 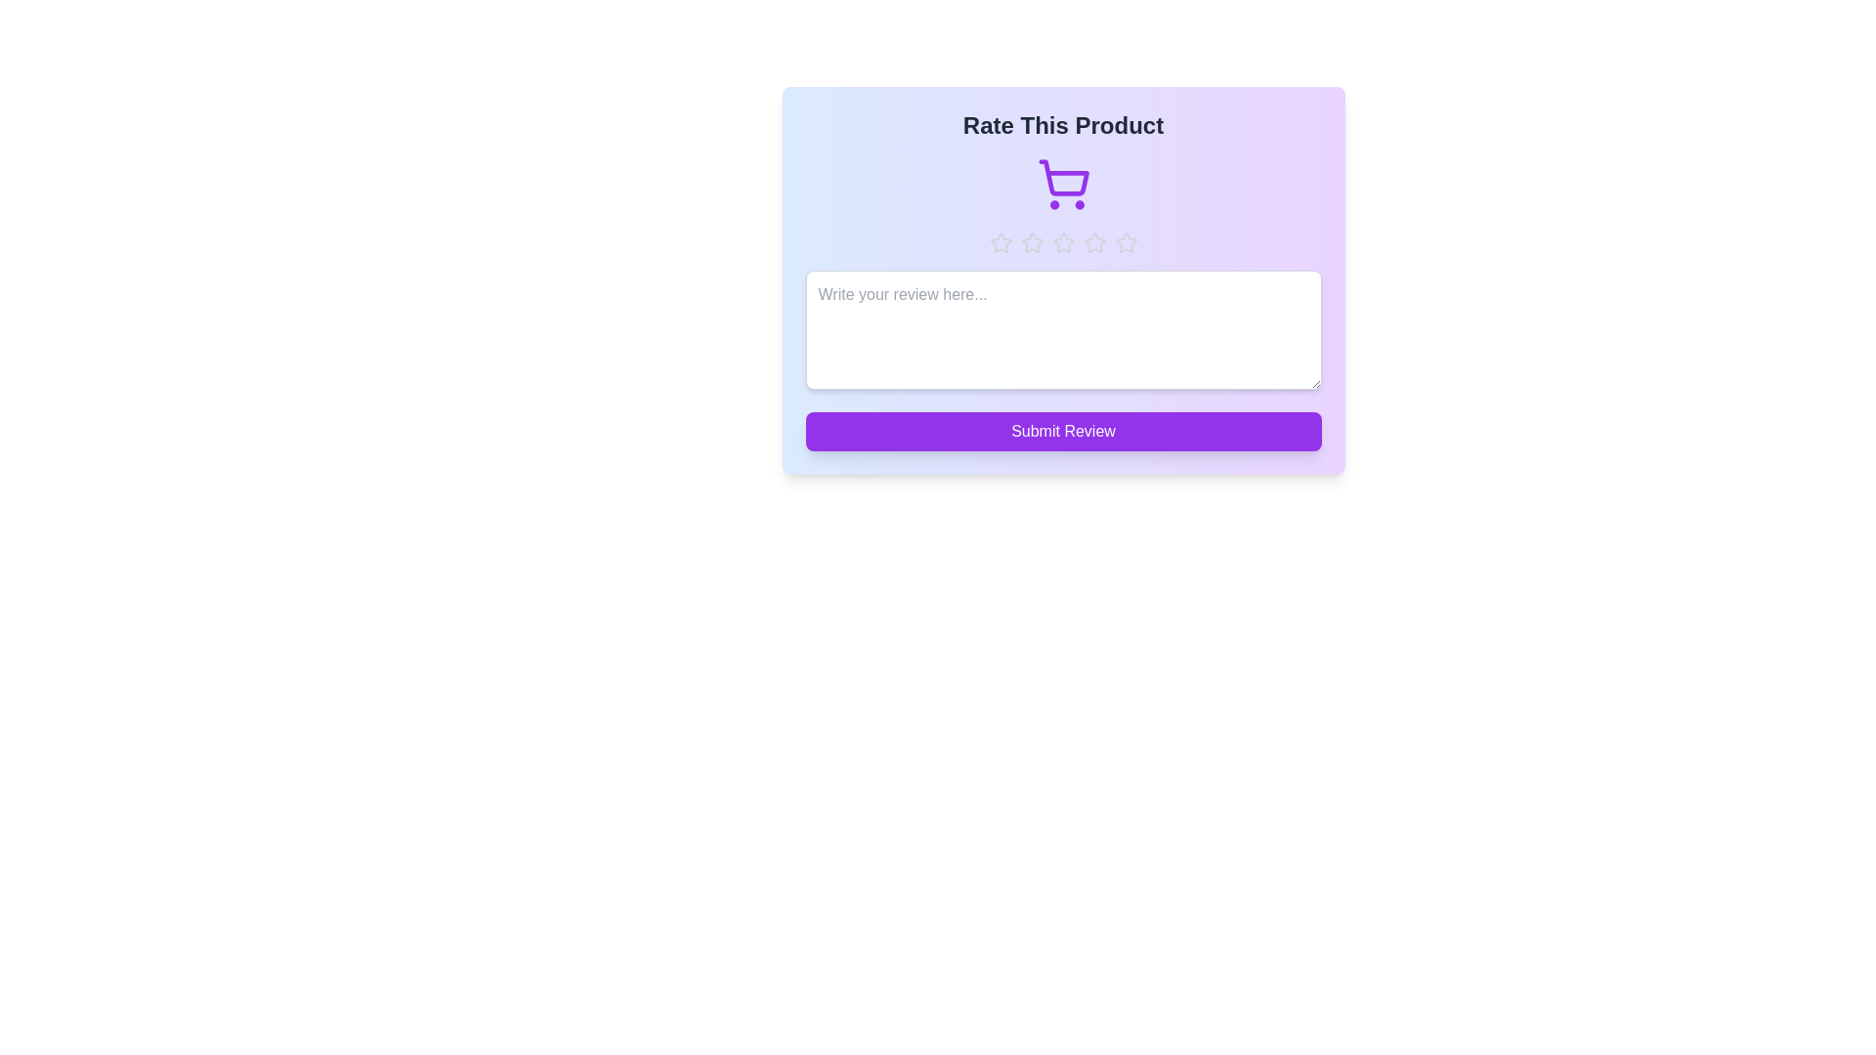 What do you see at coordinates (1062, 431) in the screenshot?
I see `the 'Submit Review' button to submit the review` at bounding box center [1062, 431].